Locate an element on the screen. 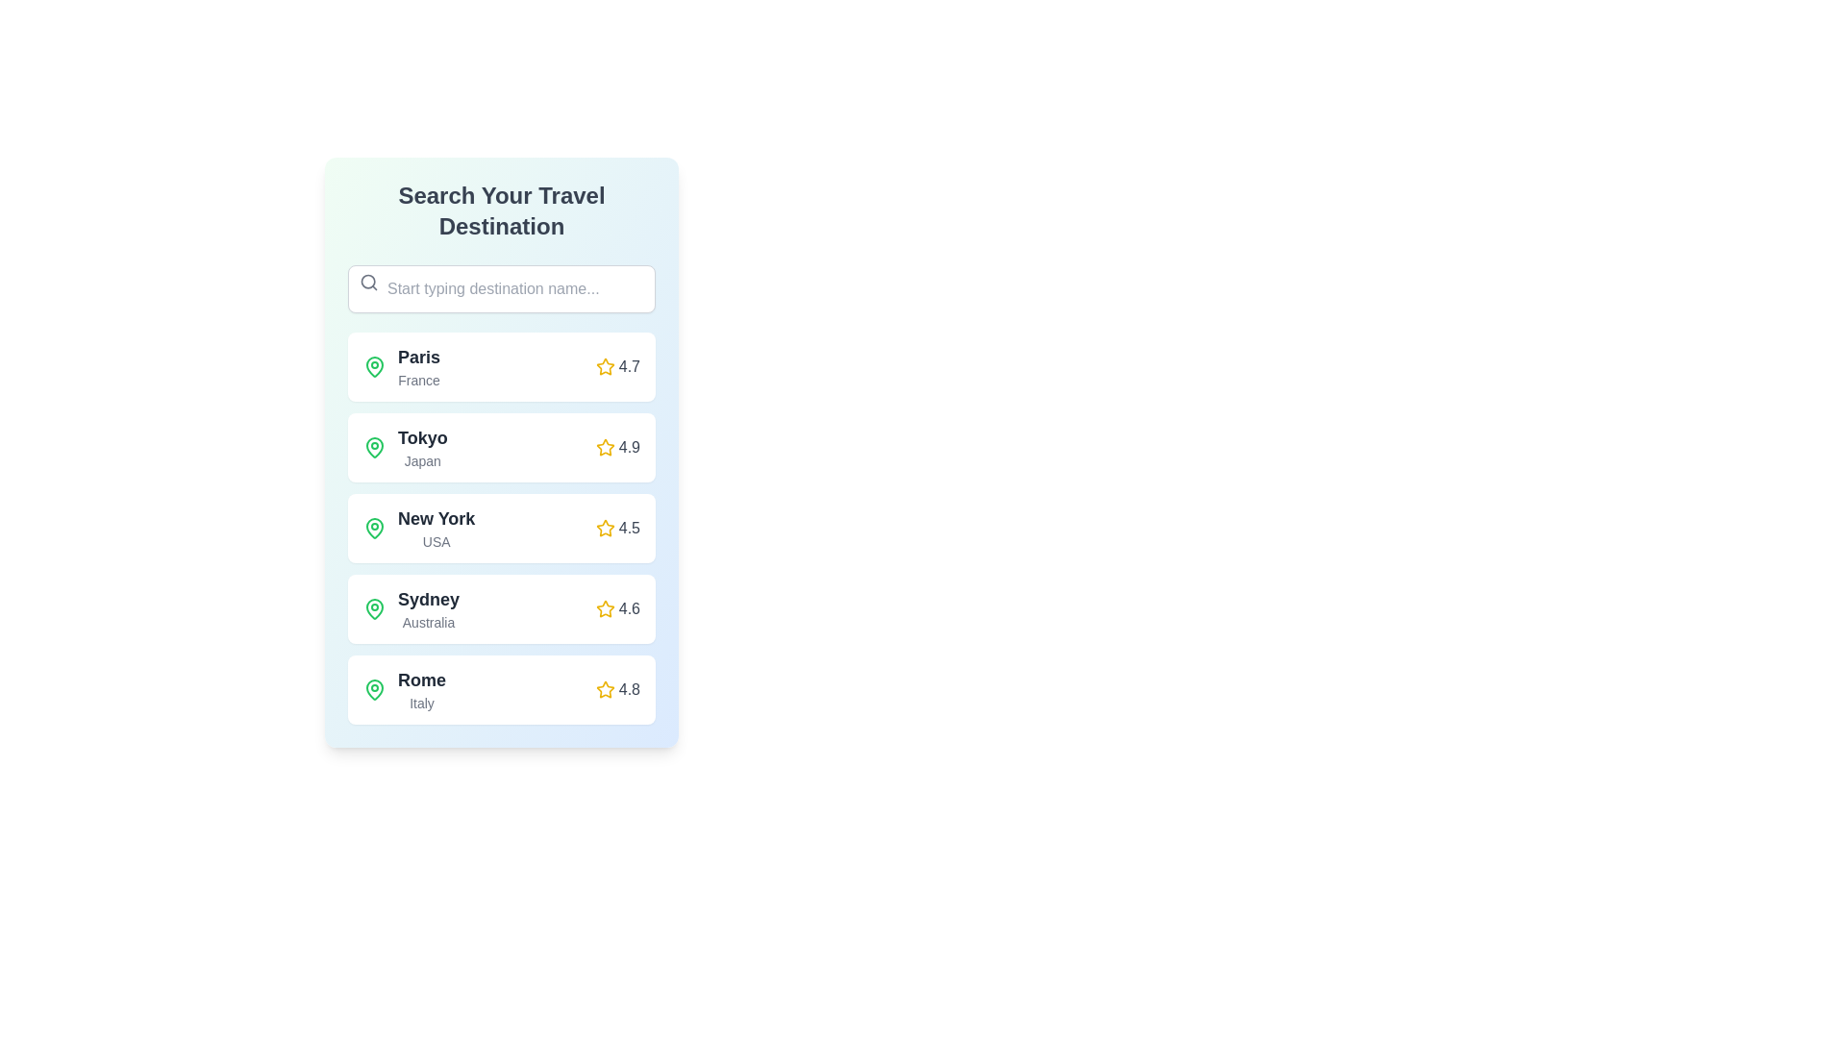  the green map pin icon located to the left of the 'Tokyo' list entry in the travel destinations list is located at coordinates (374, 448).